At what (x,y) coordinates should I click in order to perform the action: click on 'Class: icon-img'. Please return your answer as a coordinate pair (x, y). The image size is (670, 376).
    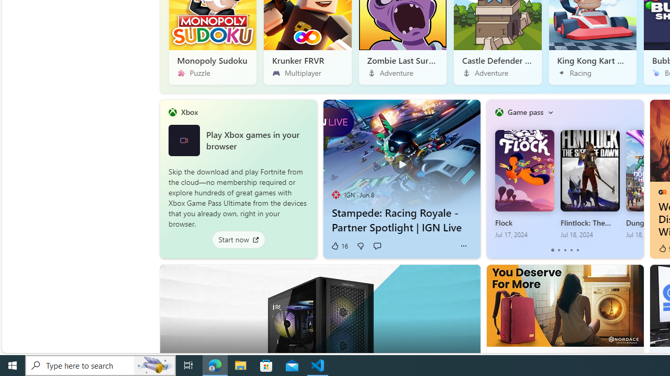
    Looking at the image, I should click on (550, 112).